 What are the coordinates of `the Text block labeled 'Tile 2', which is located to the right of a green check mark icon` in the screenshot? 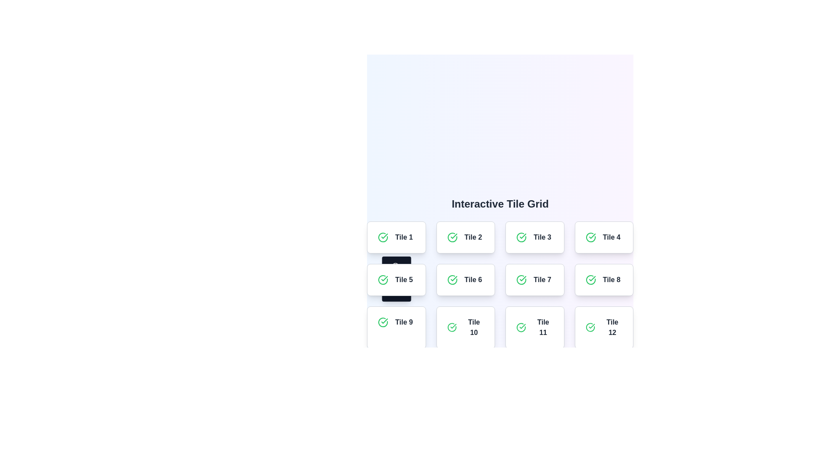 It's located at (472, 237).